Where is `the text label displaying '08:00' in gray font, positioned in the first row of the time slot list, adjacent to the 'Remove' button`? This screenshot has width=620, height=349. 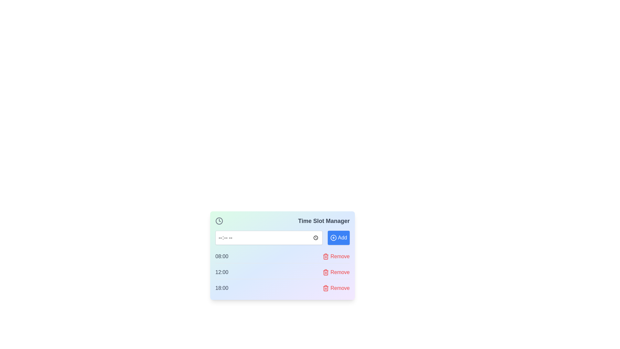
the text label displaying '08:00' in gray font, positioned in the first row of the time slot list, adjacent to the 'Remove' button is located at coordinates (222, 256).